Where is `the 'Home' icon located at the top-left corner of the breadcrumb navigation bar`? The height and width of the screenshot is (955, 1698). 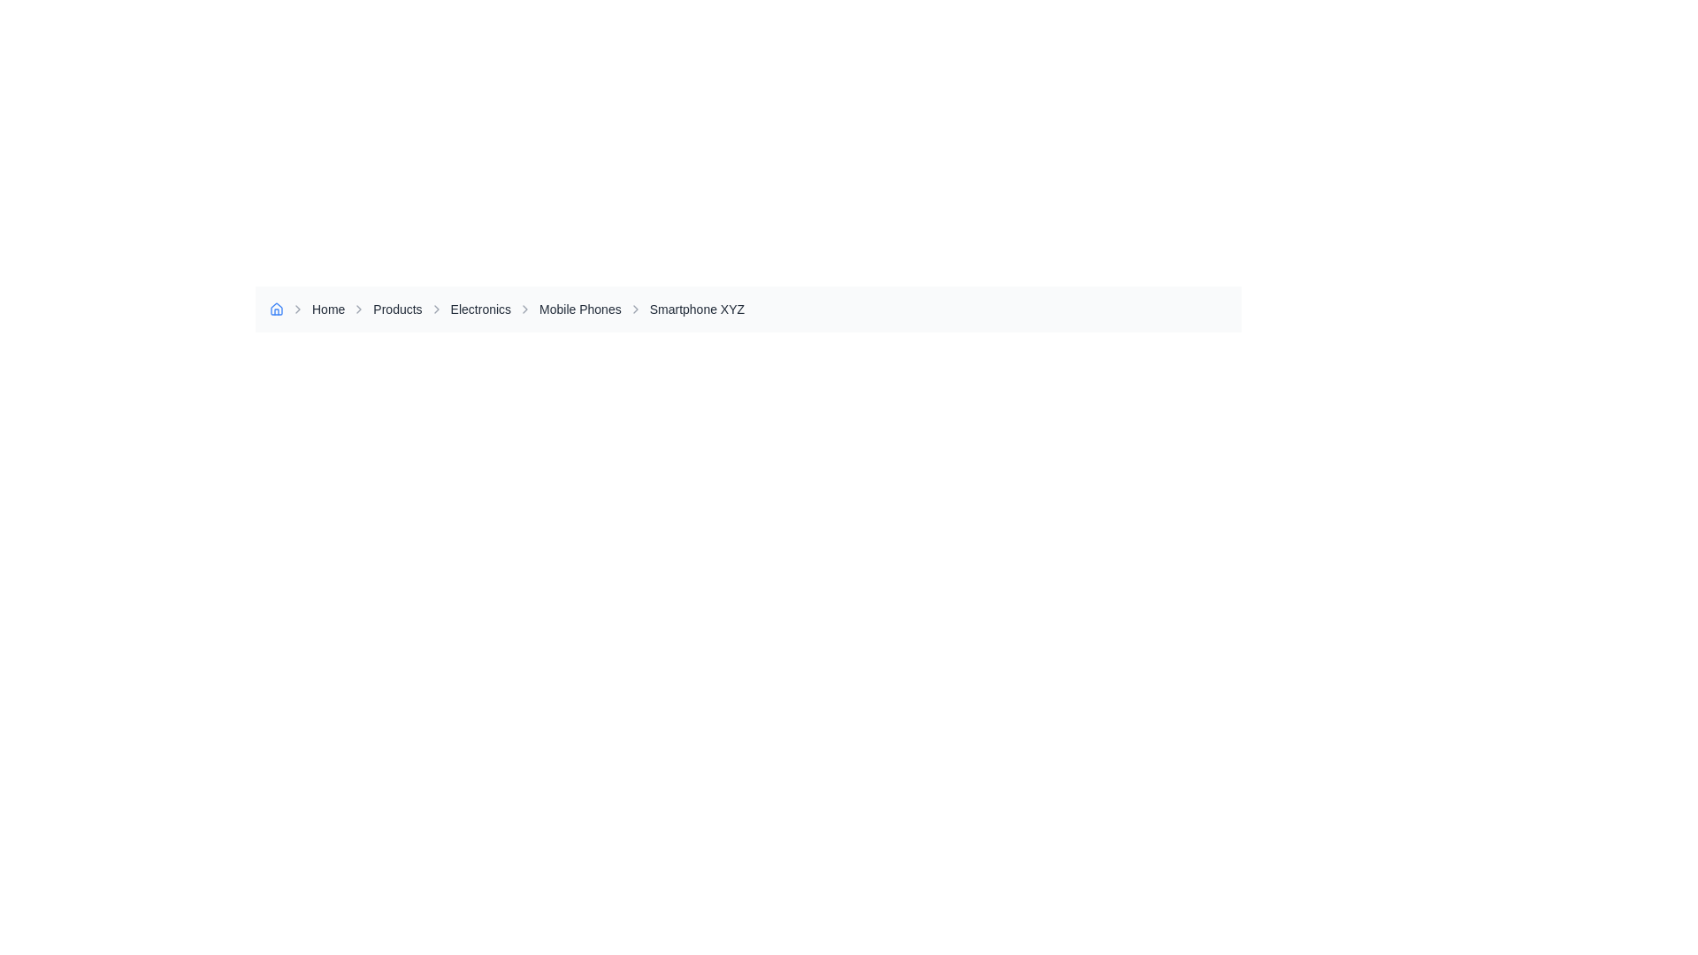 the 'Home' icon located at the top-left corner of the breadcrumb navigation bar is located at coordinates (275, 307).